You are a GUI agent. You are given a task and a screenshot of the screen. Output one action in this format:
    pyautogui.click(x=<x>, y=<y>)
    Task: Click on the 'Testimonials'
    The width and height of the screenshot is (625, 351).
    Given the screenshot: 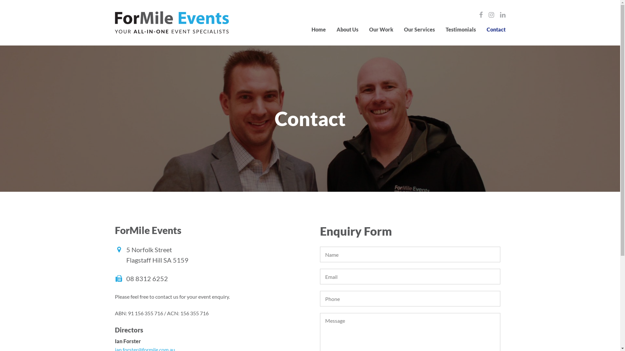 What is the action you would take?
    pyautogui.click(x=445, y=29)
    